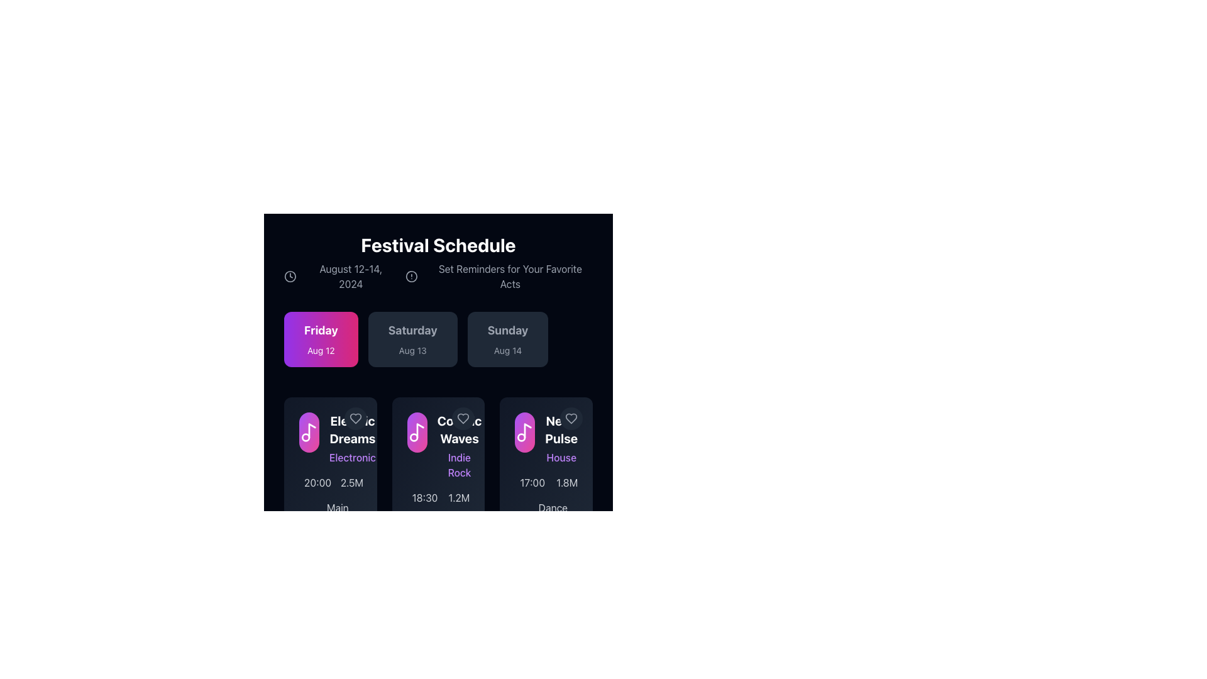  I want to click on the hollow heart-shaped icon located in the top-right corner of the second event card under 'Festival Schedule', so click(570, 419).